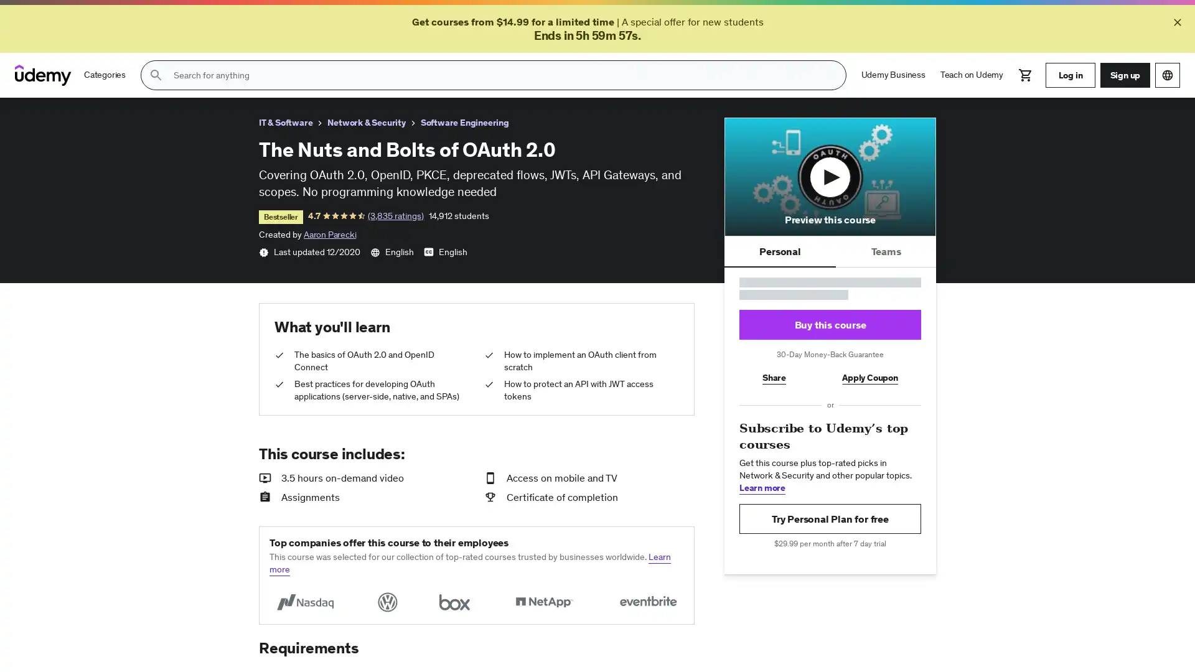 The image size is (1195, 672). What do you see at coordinates (869, 376) in the screenshot?
I see `Apply Coupon` at bounding box center [869, 376].